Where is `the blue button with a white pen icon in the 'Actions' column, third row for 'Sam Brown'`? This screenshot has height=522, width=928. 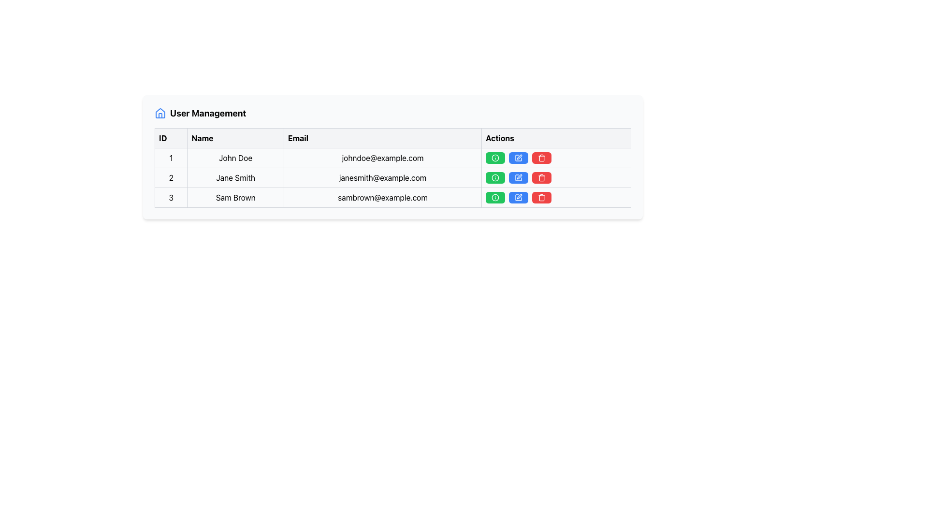 the blue button with a white pen icon in the 'Actions' column, third row for 'Sam Brown' is located at coordinates (518, 197).